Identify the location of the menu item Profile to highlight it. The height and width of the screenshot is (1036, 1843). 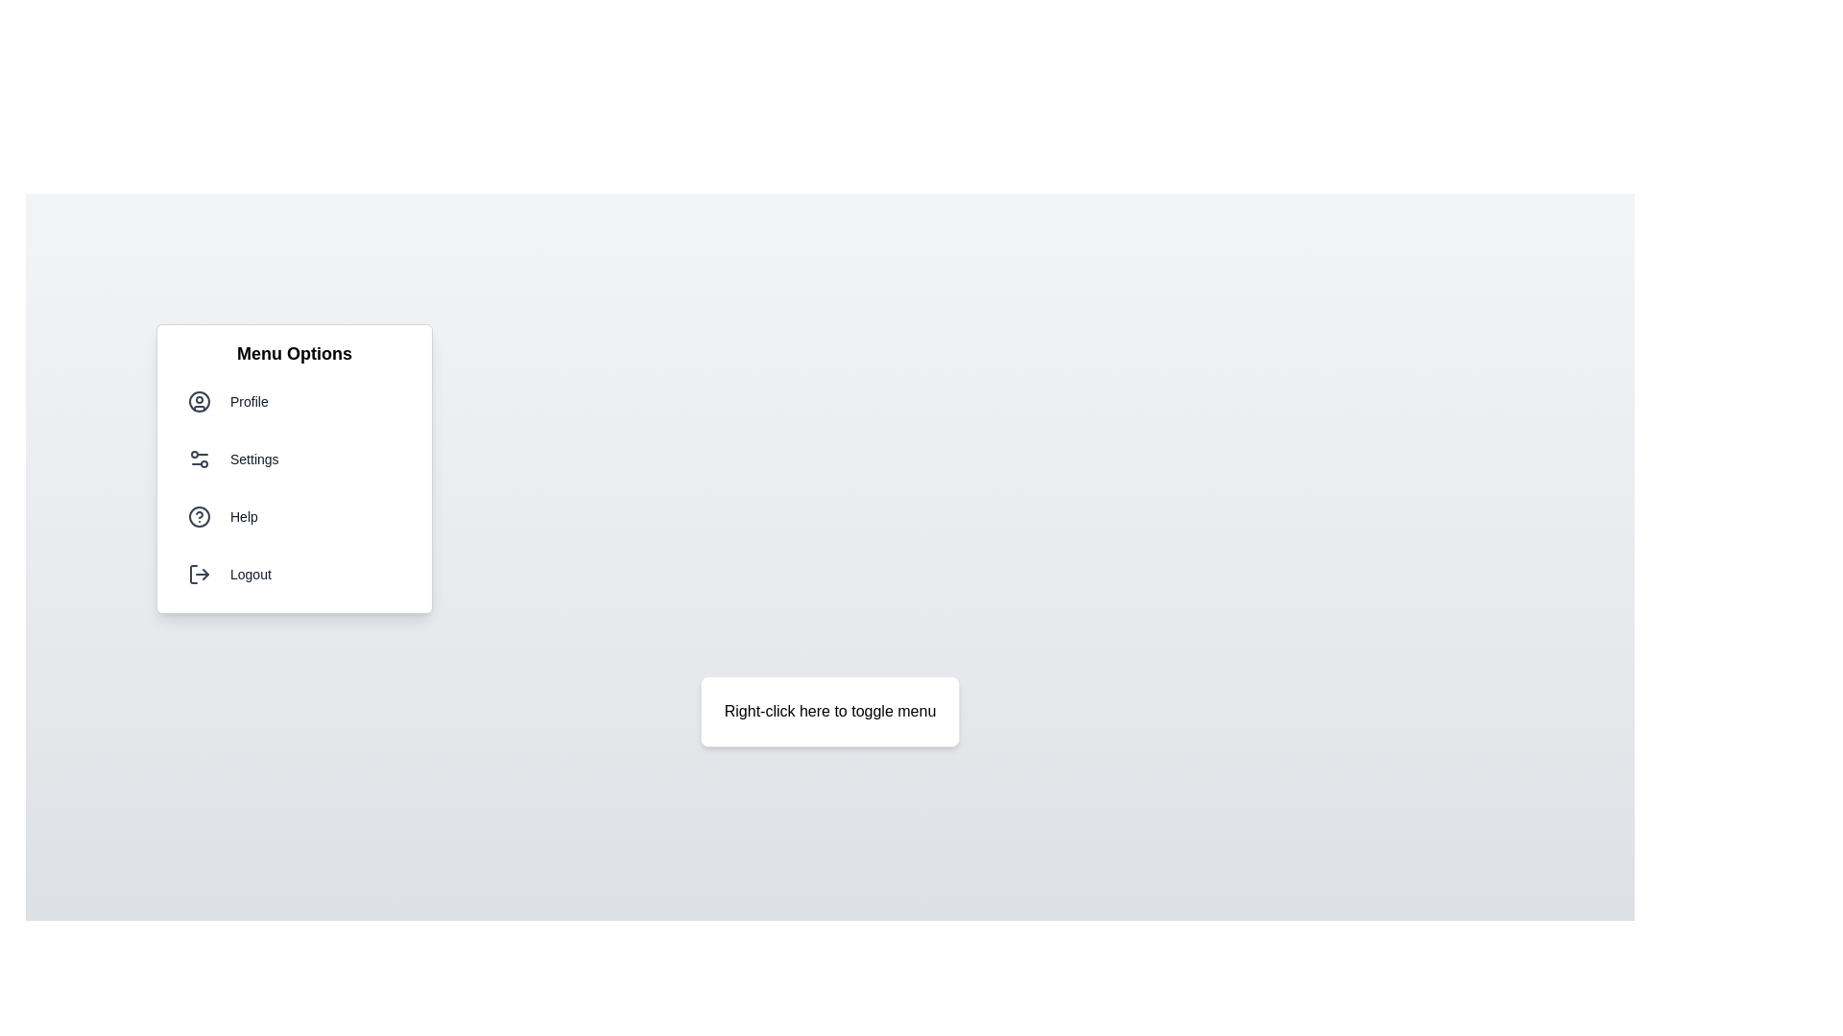
(294, 401).